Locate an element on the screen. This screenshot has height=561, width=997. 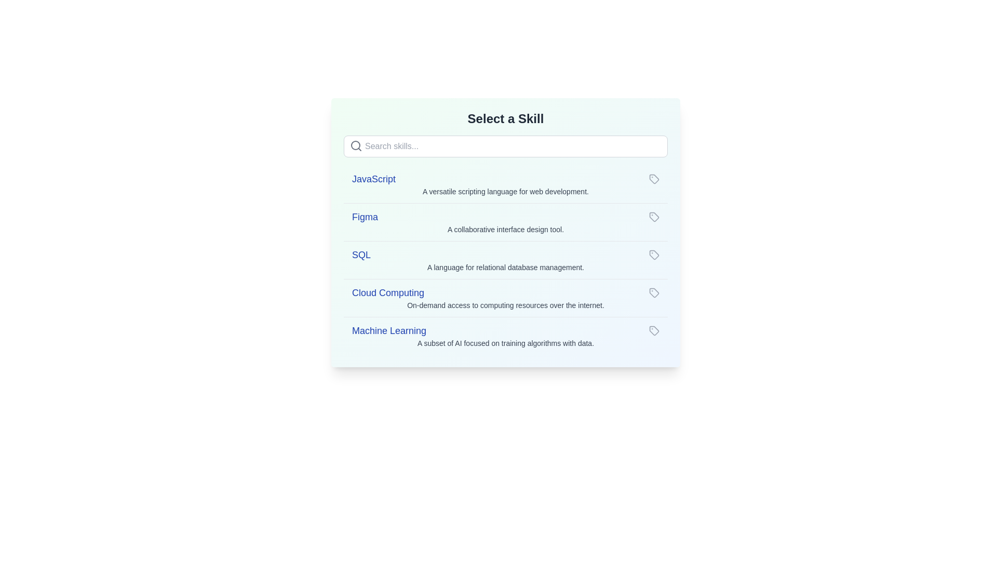
the second item in the selectable list labeled 'Select a Skill', which represents the skill 'Figma' is located at coordinates (506, 221).